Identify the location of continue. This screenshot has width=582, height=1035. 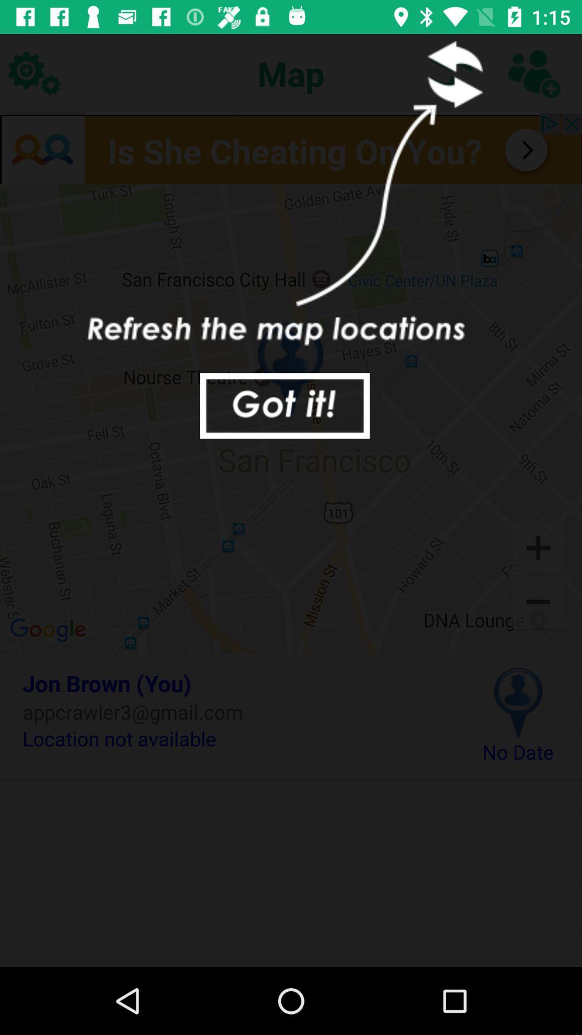
(284, 405).